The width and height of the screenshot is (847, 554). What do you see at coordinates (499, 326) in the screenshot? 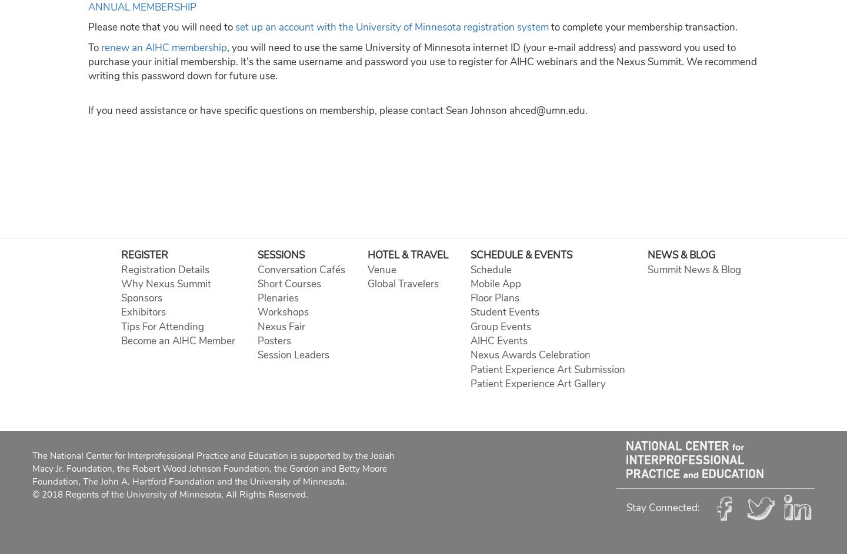
I see `'Group Events'` at bounding box center [499, 326].